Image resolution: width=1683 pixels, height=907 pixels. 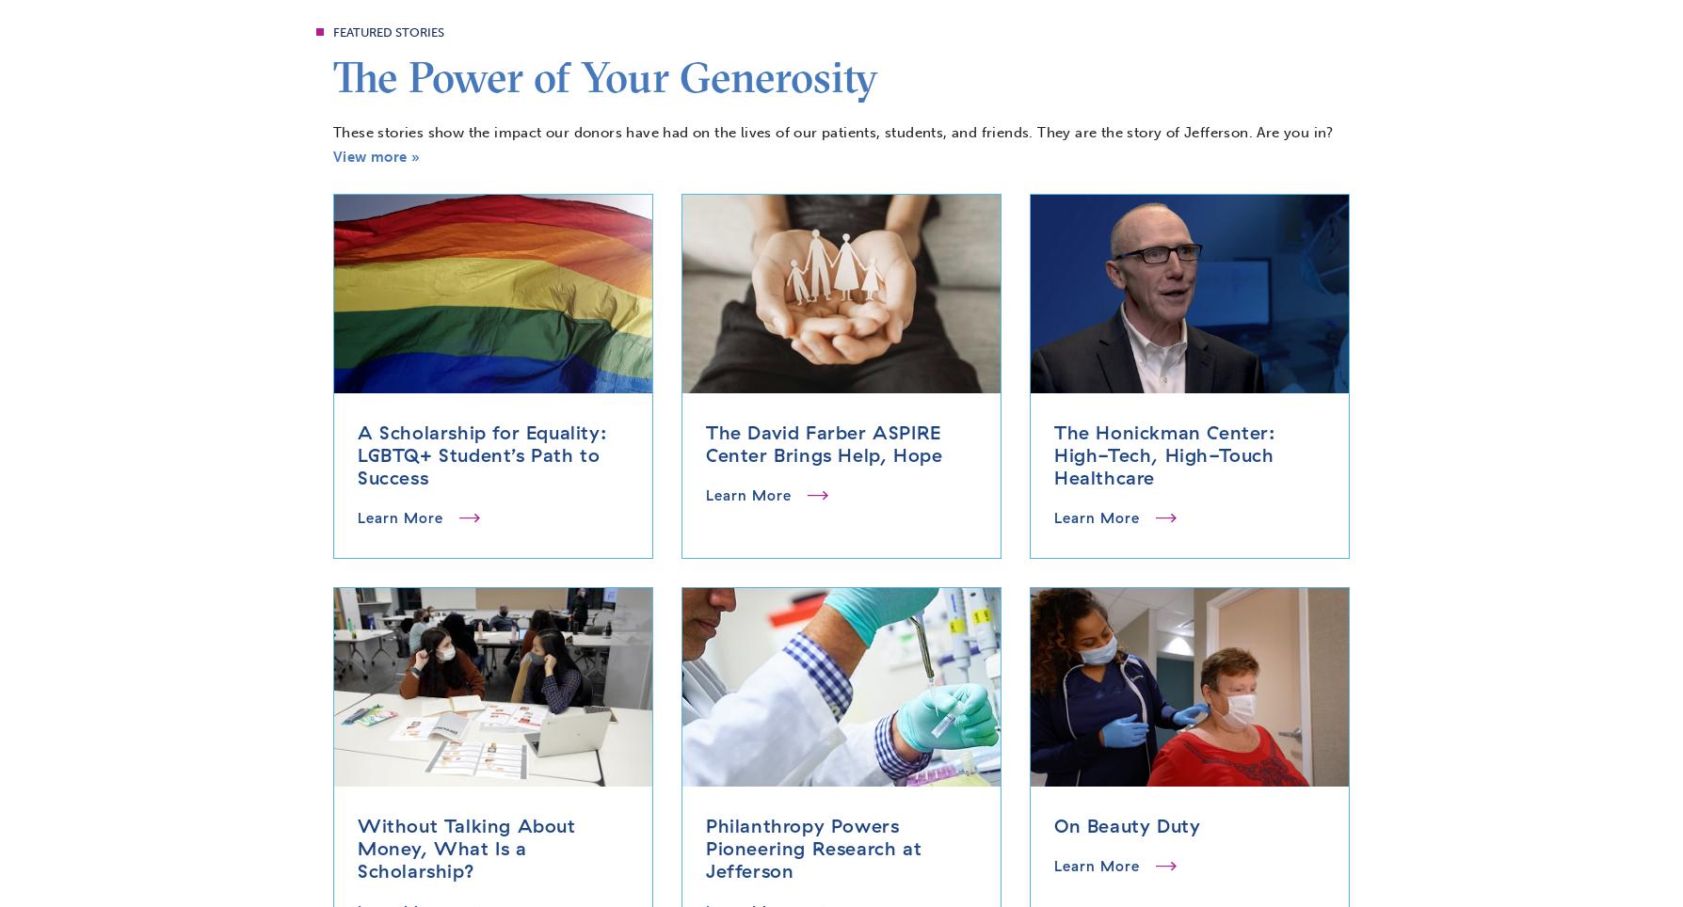 I want to click on 'Featured Stories', so click(x=388, y=30).